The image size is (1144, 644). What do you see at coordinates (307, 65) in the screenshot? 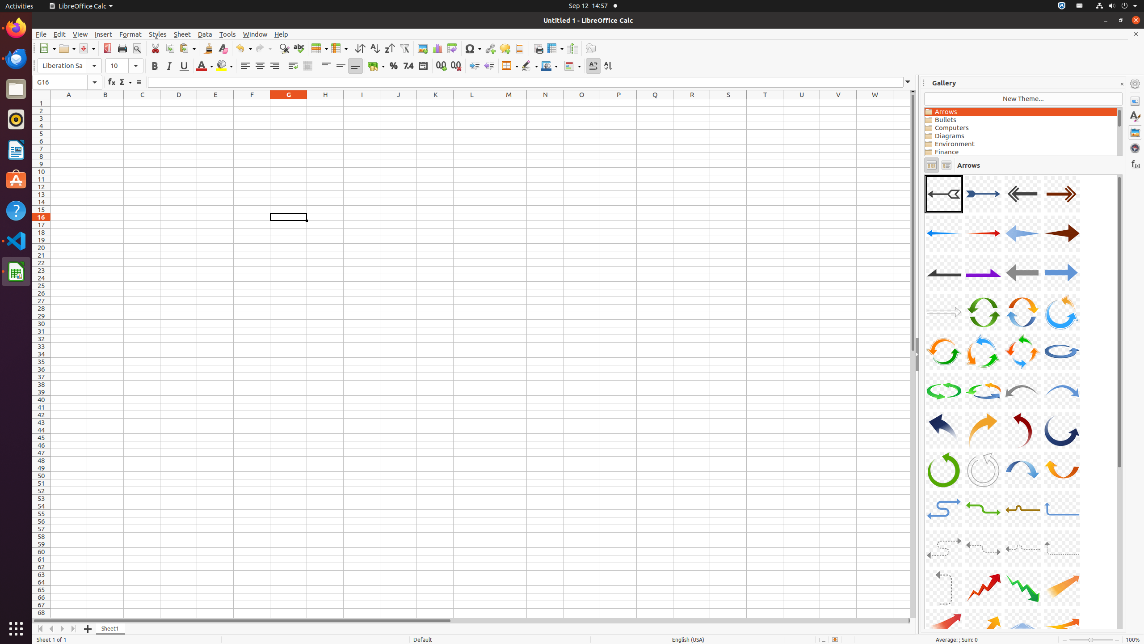
I see `'Merge and Center Cells'` at bounding box center [307, 65].